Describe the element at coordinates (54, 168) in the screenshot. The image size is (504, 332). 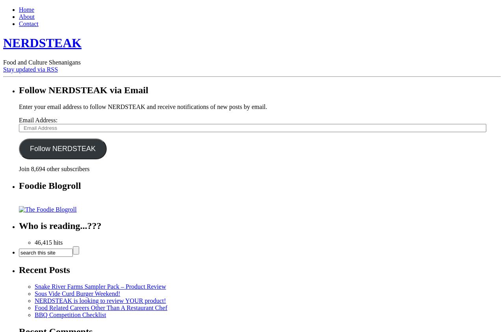
I see `'Join 8,694 other subscribers'` at that location.